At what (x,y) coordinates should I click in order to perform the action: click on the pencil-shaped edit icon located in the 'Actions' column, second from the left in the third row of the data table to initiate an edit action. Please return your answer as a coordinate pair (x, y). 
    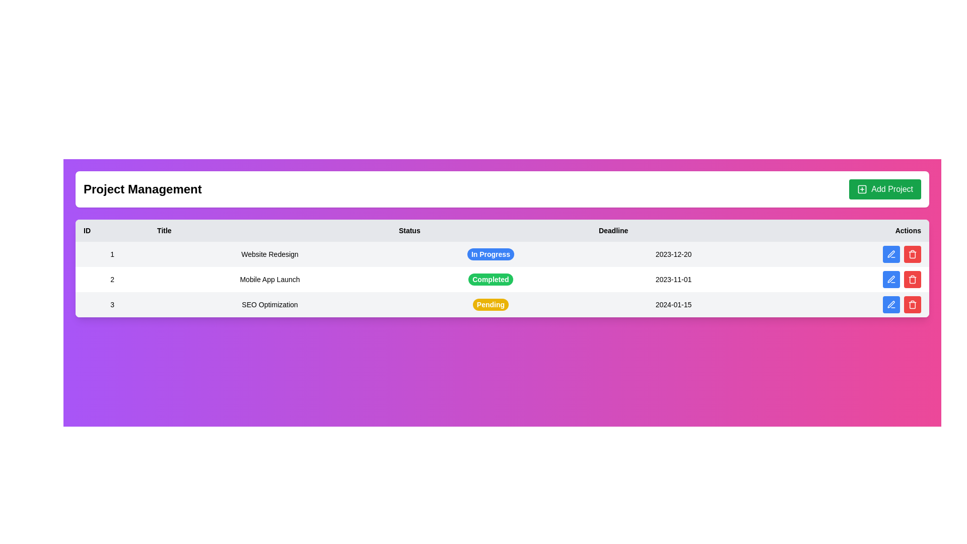
    Looking at the image, I should click on (891, 279).